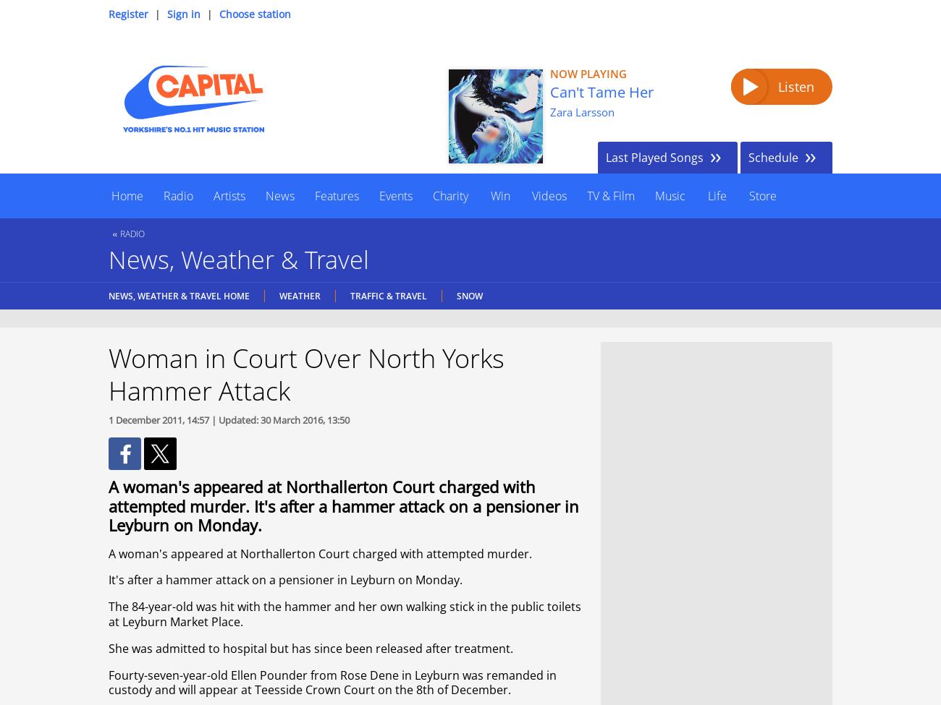 This screenshot has width=941, height=705. I want to click on 'A woman's appeared at Northallerton Court charged with attempted murder.  It's after a hammer attack on a pensioner in Leyburn on Monday.', so click(343, 505).